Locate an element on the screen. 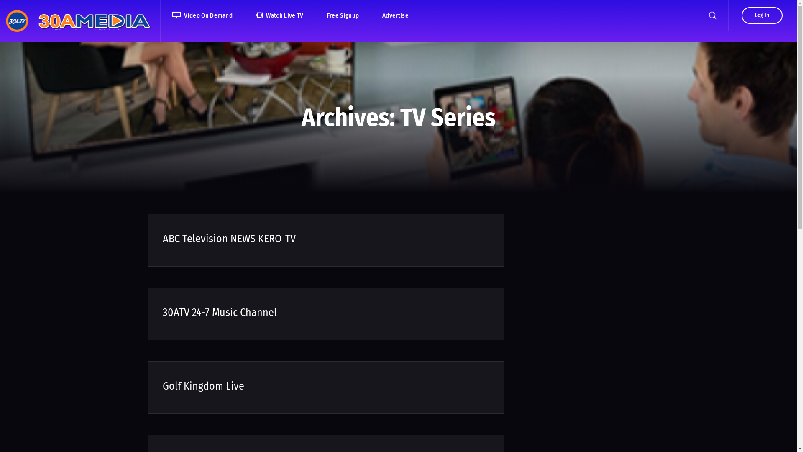 Image resolution: width=803 pixels, height=452 pixels. 'Advertise' is located at coordinates (395, 15).